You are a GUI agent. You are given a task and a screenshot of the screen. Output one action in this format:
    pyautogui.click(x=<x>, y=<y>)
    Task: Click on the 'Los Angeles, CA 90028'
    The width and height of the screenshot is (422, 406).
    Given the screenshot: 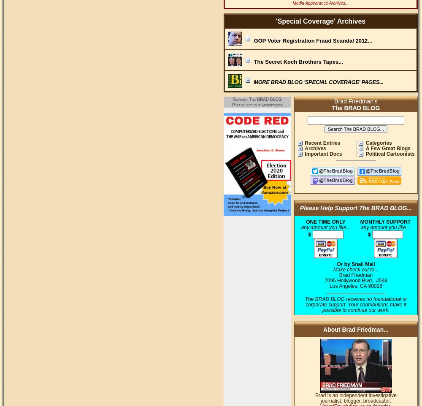 What is the action you would take?
    pyautogui.click(x=355, y=286)
    